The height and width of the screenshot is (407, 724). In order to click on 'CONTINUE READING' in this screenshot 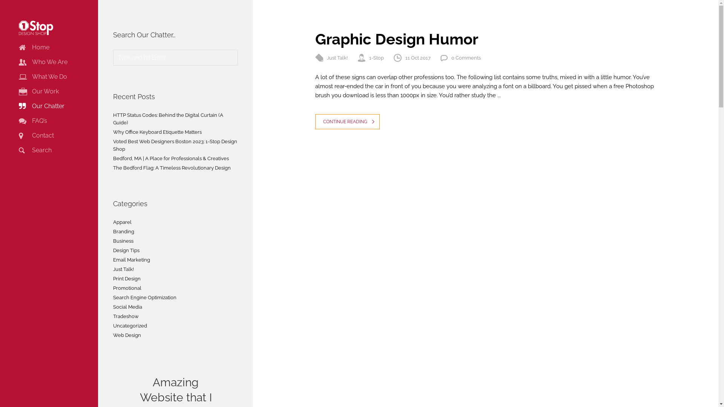, I will do `click(347, 121)`.